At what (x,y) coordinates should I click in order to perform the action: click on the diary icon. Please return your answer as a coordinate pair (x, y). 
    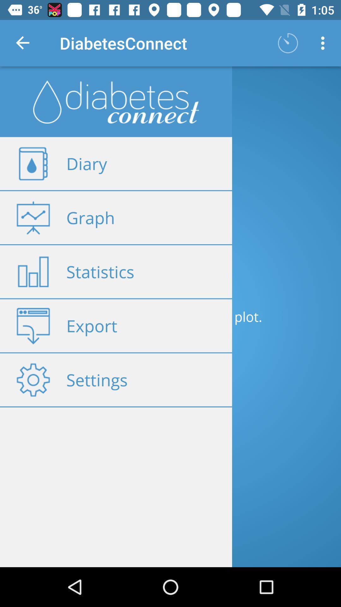
    Looking at the image, I should click on (33, 164).